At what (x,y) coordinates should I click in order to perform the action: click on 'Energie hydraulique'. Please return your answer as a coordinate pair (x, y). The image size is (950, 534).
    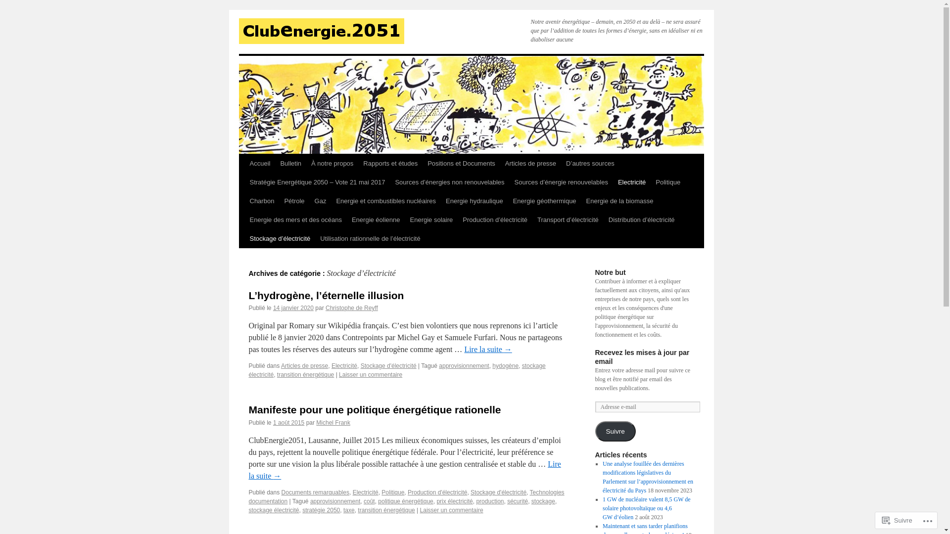
    Looking at the image, I should click on (440, 201).